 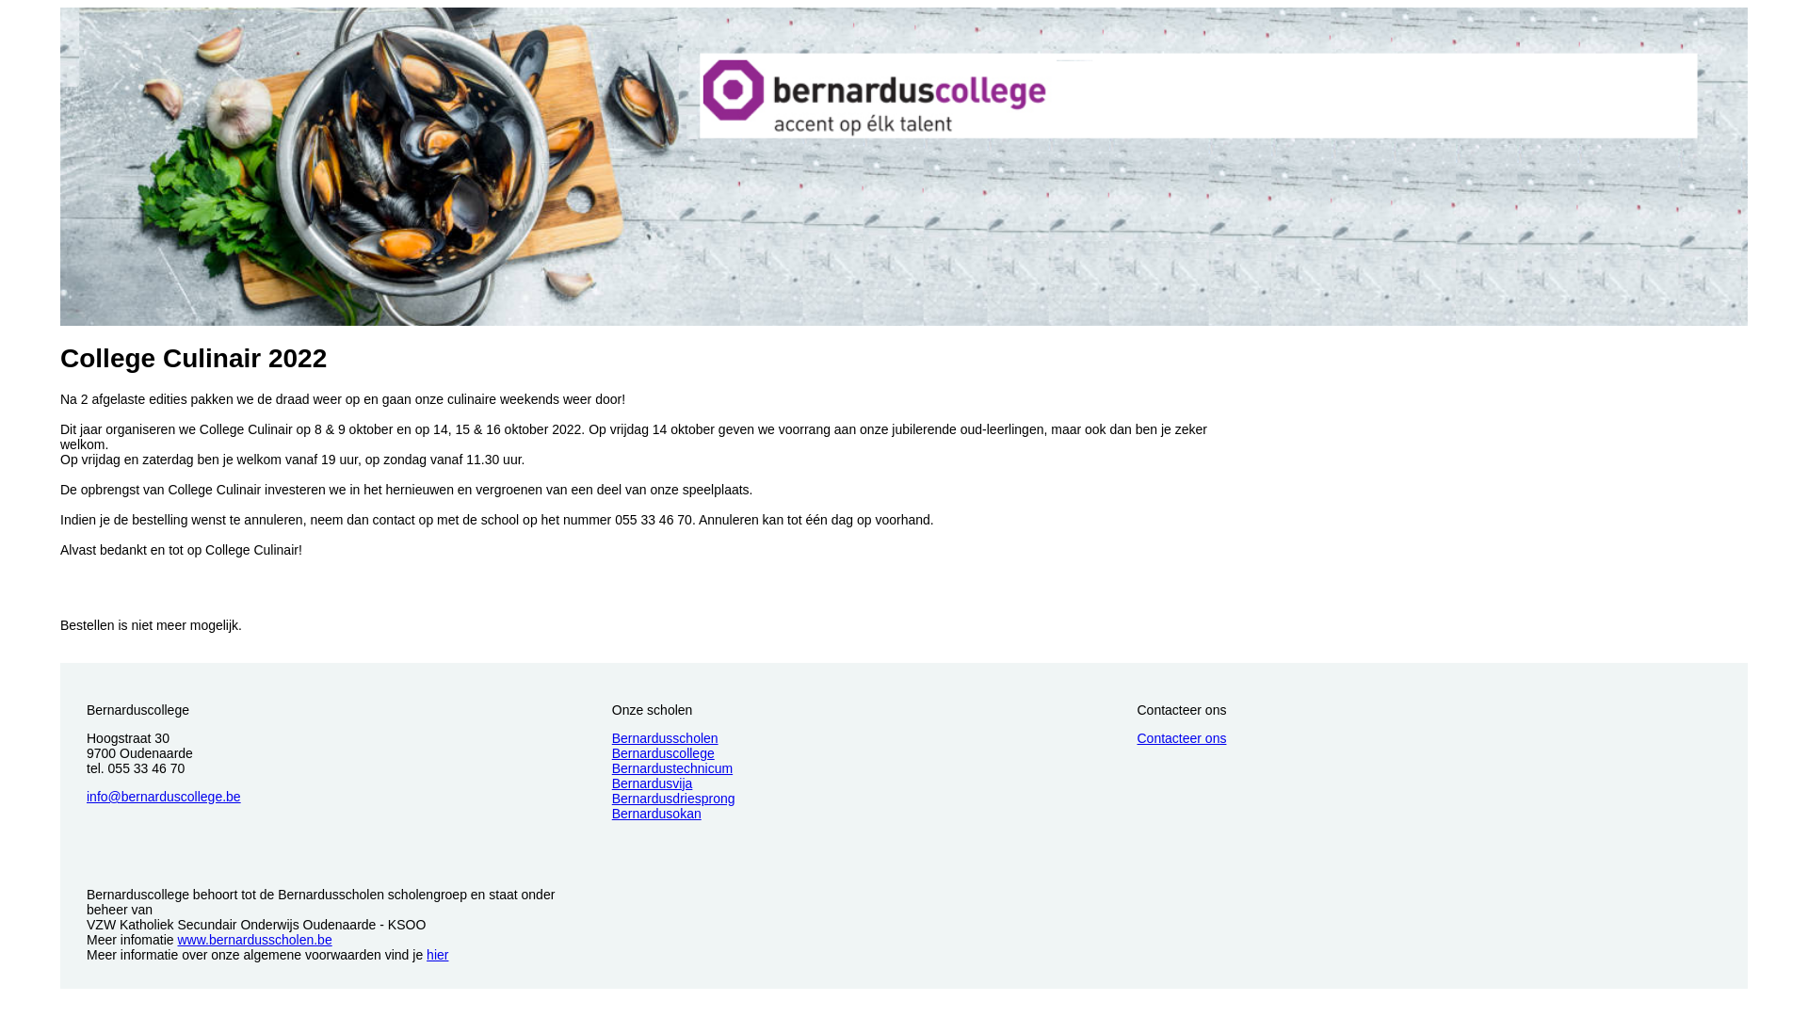 I want to click on 'Contacteer ons', so click(x=1137, y=736).